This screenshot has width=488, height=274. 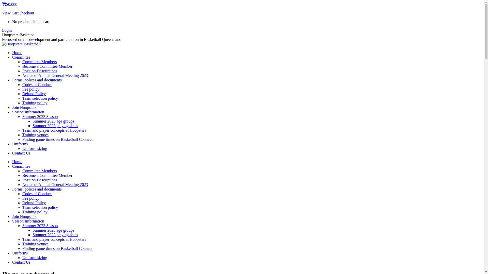 I want to click on 'Training policy', so click(x=35, y=212).